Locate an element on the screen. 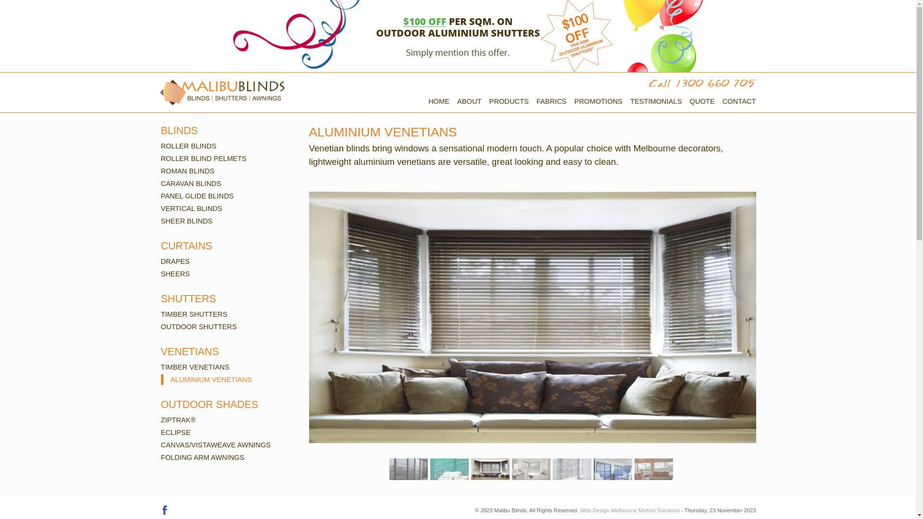 This screenshot has width=923, height=519. 'SHEER BLINDS' is located at coordinates (227, 221).